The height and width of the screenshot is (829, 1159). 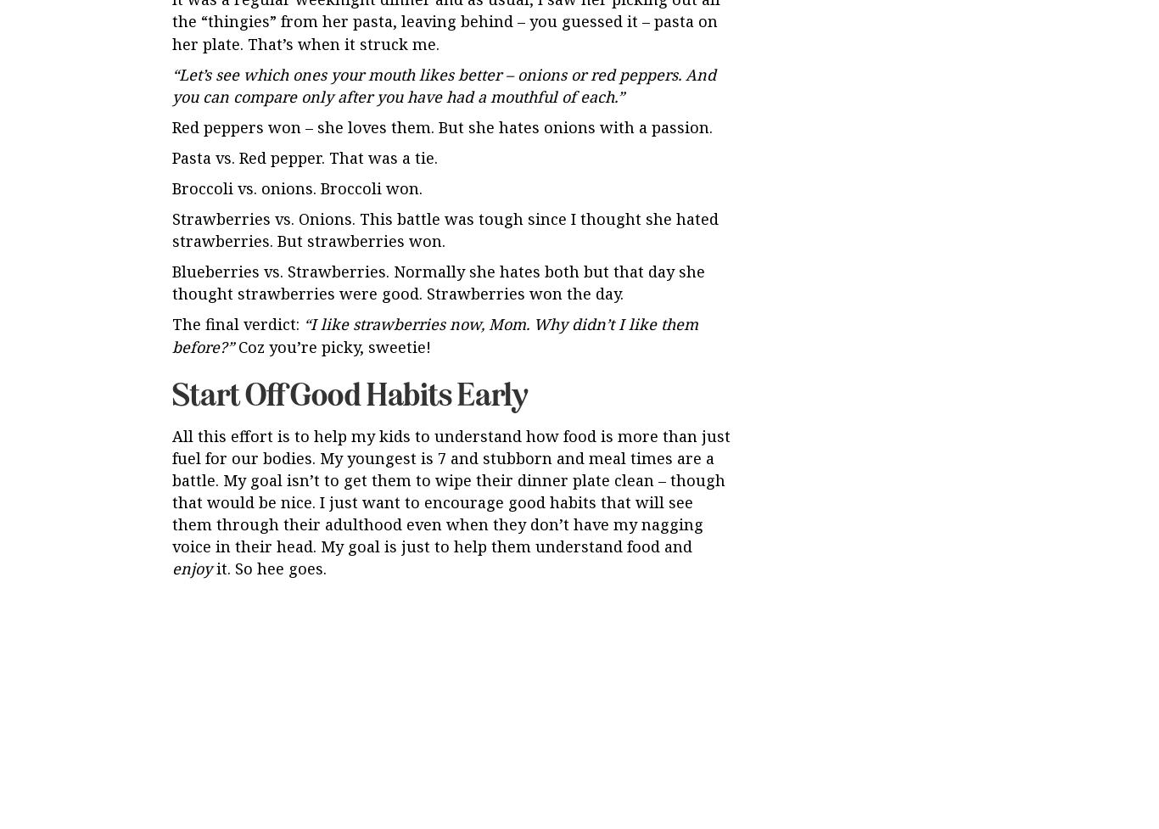 I want to click on 'The final verdict:', so click(x=171, y=324).